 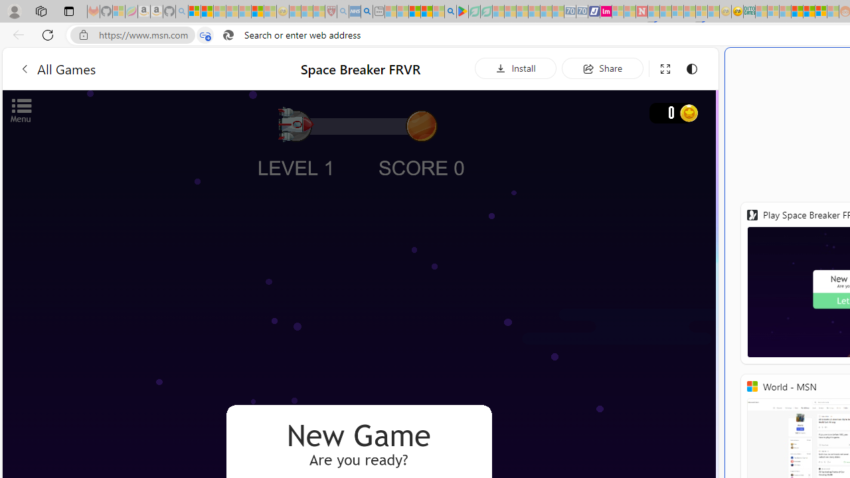 I want to click on 'utah sues federal government - Search', so click(x=367, y=11).